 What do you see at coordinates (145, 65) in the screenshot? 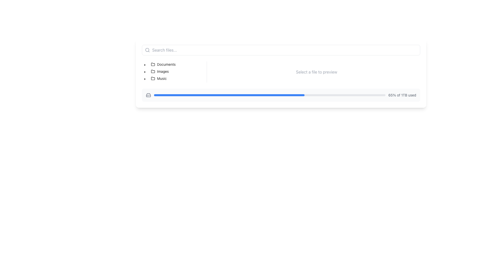
I see `the icon next to the 'Documents' label` at bounding box center [145, 65].